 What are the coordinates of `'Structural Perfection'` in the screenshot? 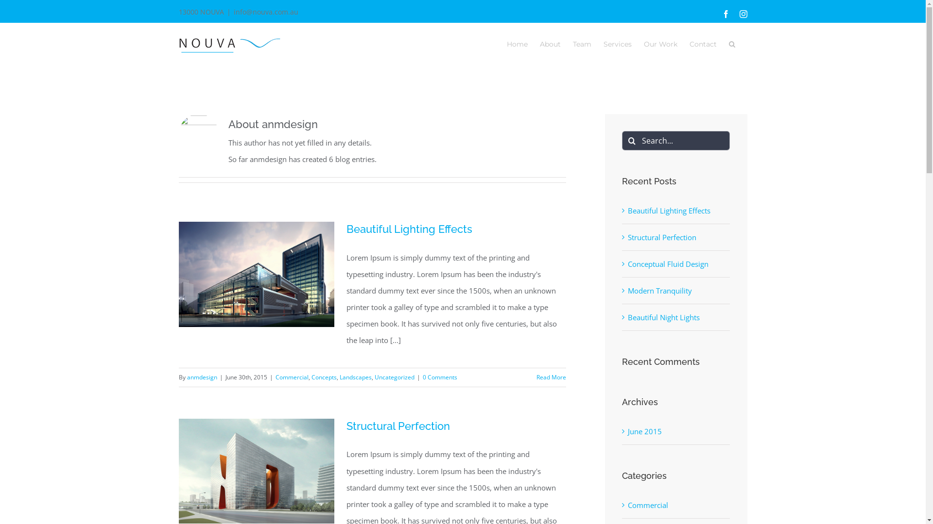 It's located at (397, 426).